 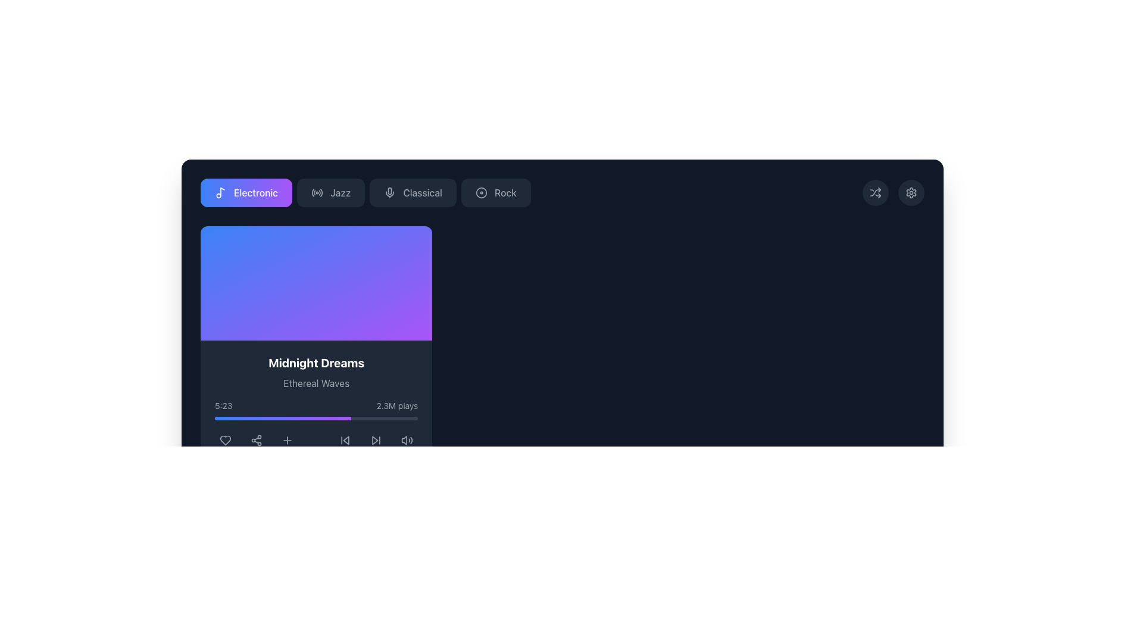 I want to click on the settings button located in the top-right corner of the interface, so click(x=911, y=192).